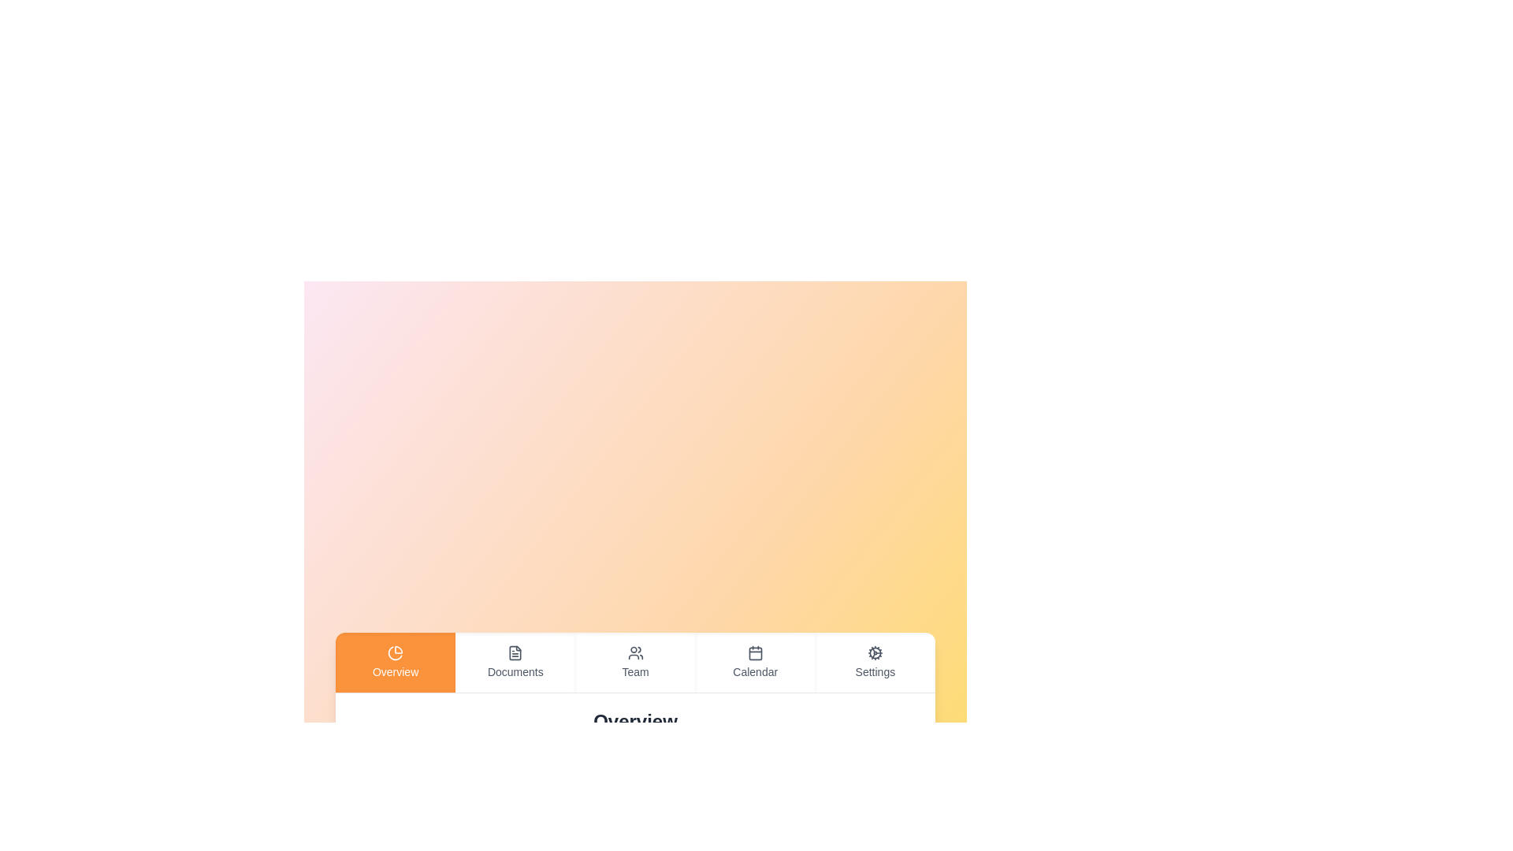 The image size is (1513, 851). I want to click on the 'Overview' text label in the navigation menu, which identifies the tab and is located below a pie chart icon within an orange tab, so click(396, 671).